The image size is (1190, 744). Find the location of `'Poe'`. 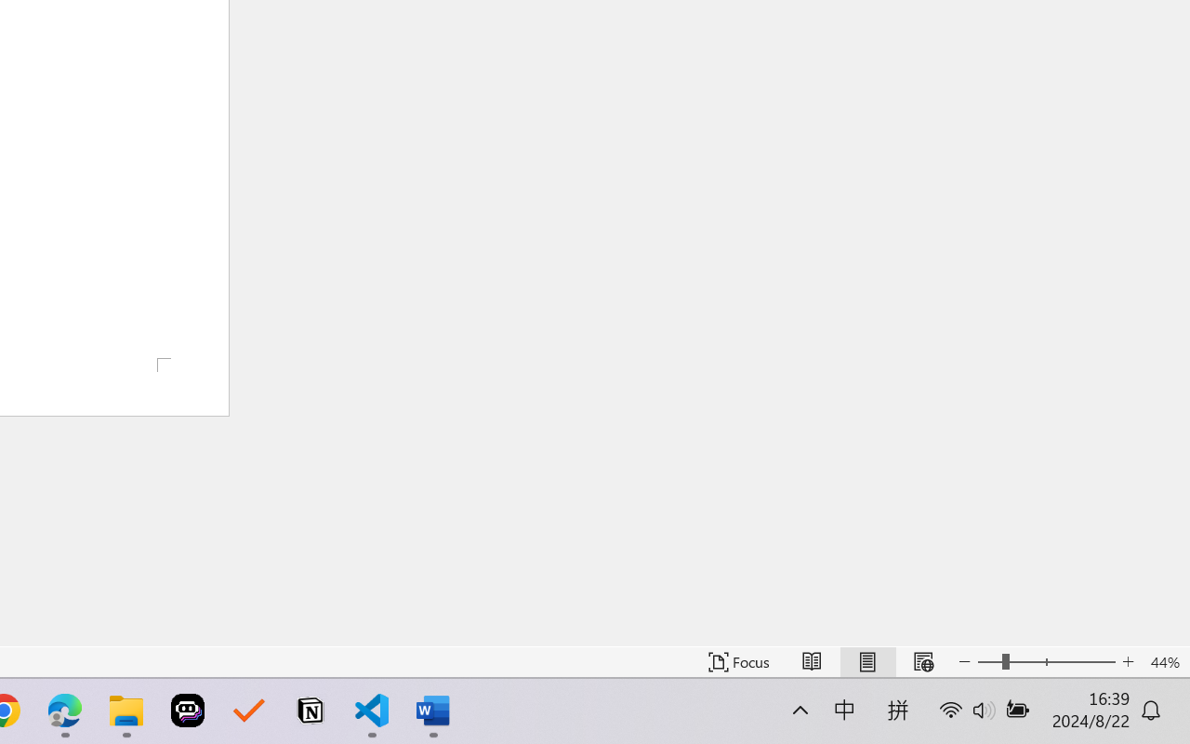

'Poe' is located at coordinates (188, 711).